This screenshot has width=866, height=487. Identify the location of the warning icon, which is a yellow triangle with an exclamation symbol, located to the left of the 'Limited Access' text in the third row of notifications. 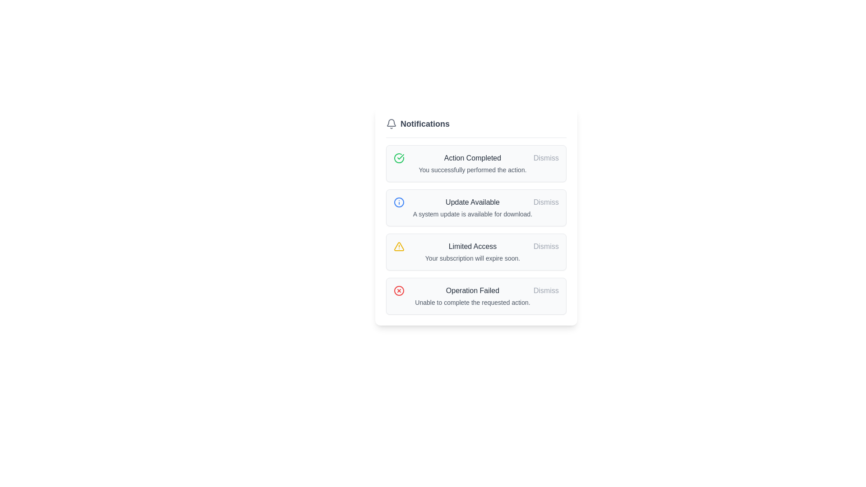
(398, 247).